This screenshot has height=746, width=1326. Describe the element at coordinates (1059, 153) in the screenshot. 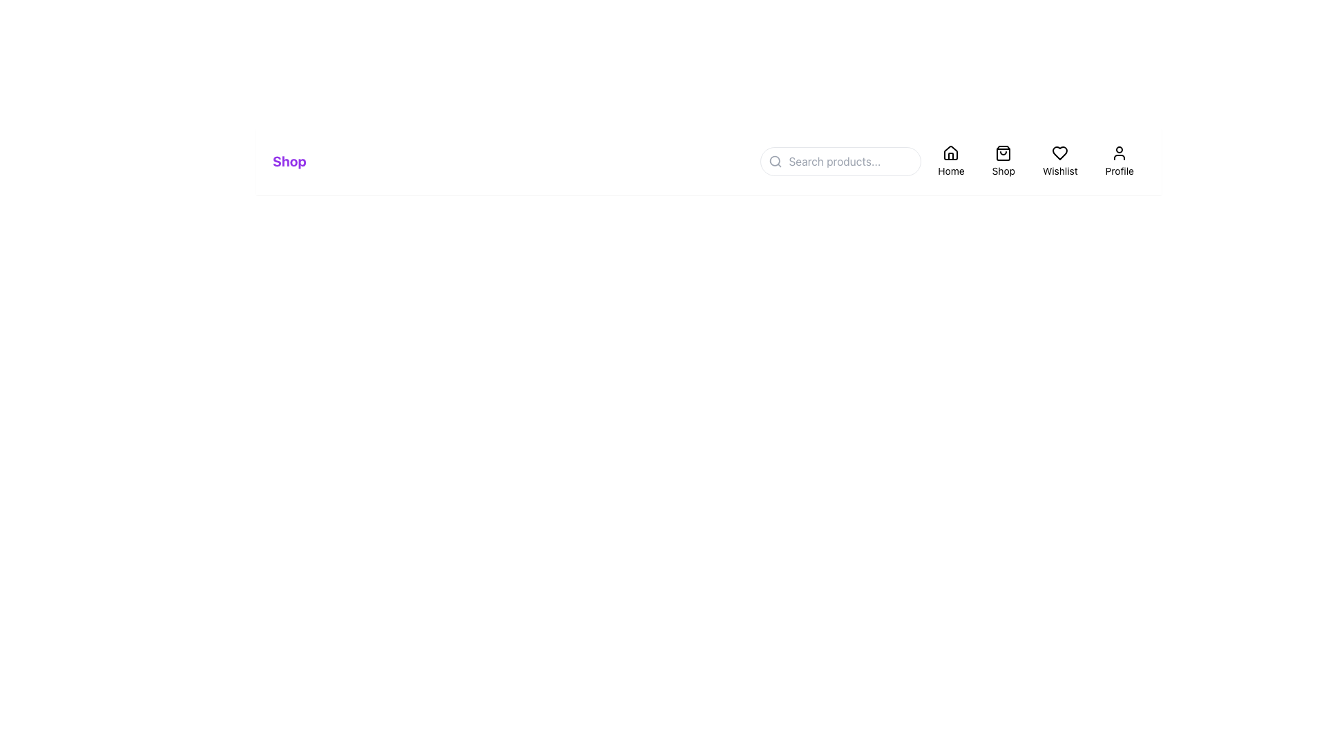

I see `the heart-shaped icon in the 'Wishlist' section of the top navigation bar` at that location.